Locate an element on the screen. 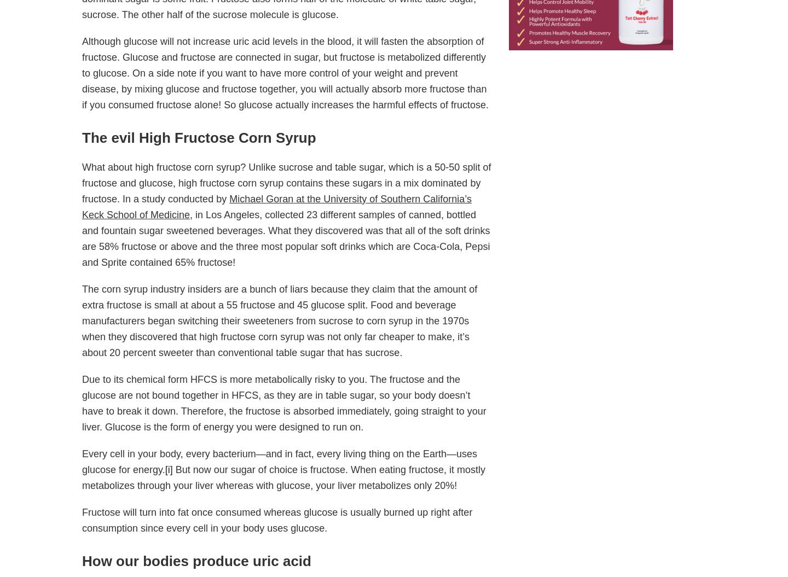 Image resolution: width=788 pixels, height=577 pixels. '[i]' is located at coordinates (169, 469).